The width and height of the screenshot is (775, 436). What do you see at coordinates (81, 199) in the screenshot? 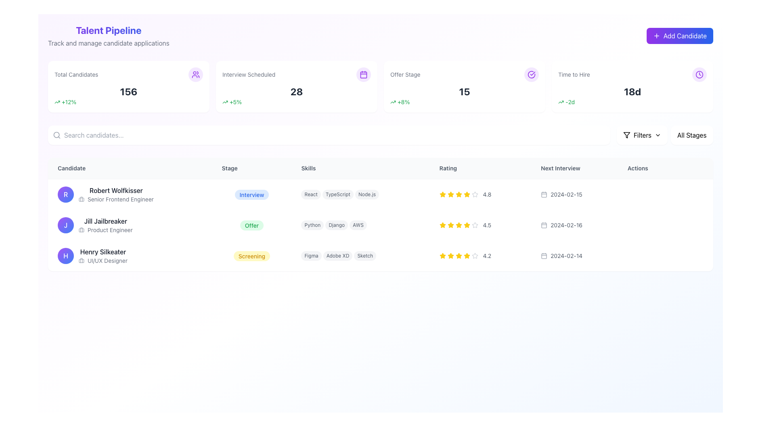
I see `the small light gray briefcase icon located next to the name 'Robert Wolfkisser' and the job title 'Senior Frontend Engineer.'` at bounding box center [81, 199].